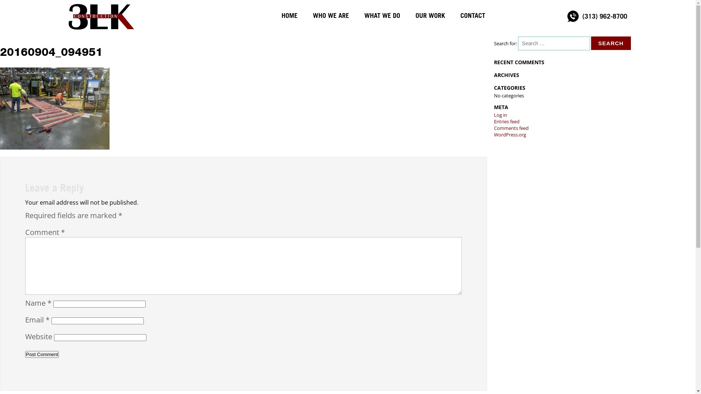  What do you see at coordinates (591, 43) in the screenshot?
I see `'SEARCH'` at bounding box center [591, 43].